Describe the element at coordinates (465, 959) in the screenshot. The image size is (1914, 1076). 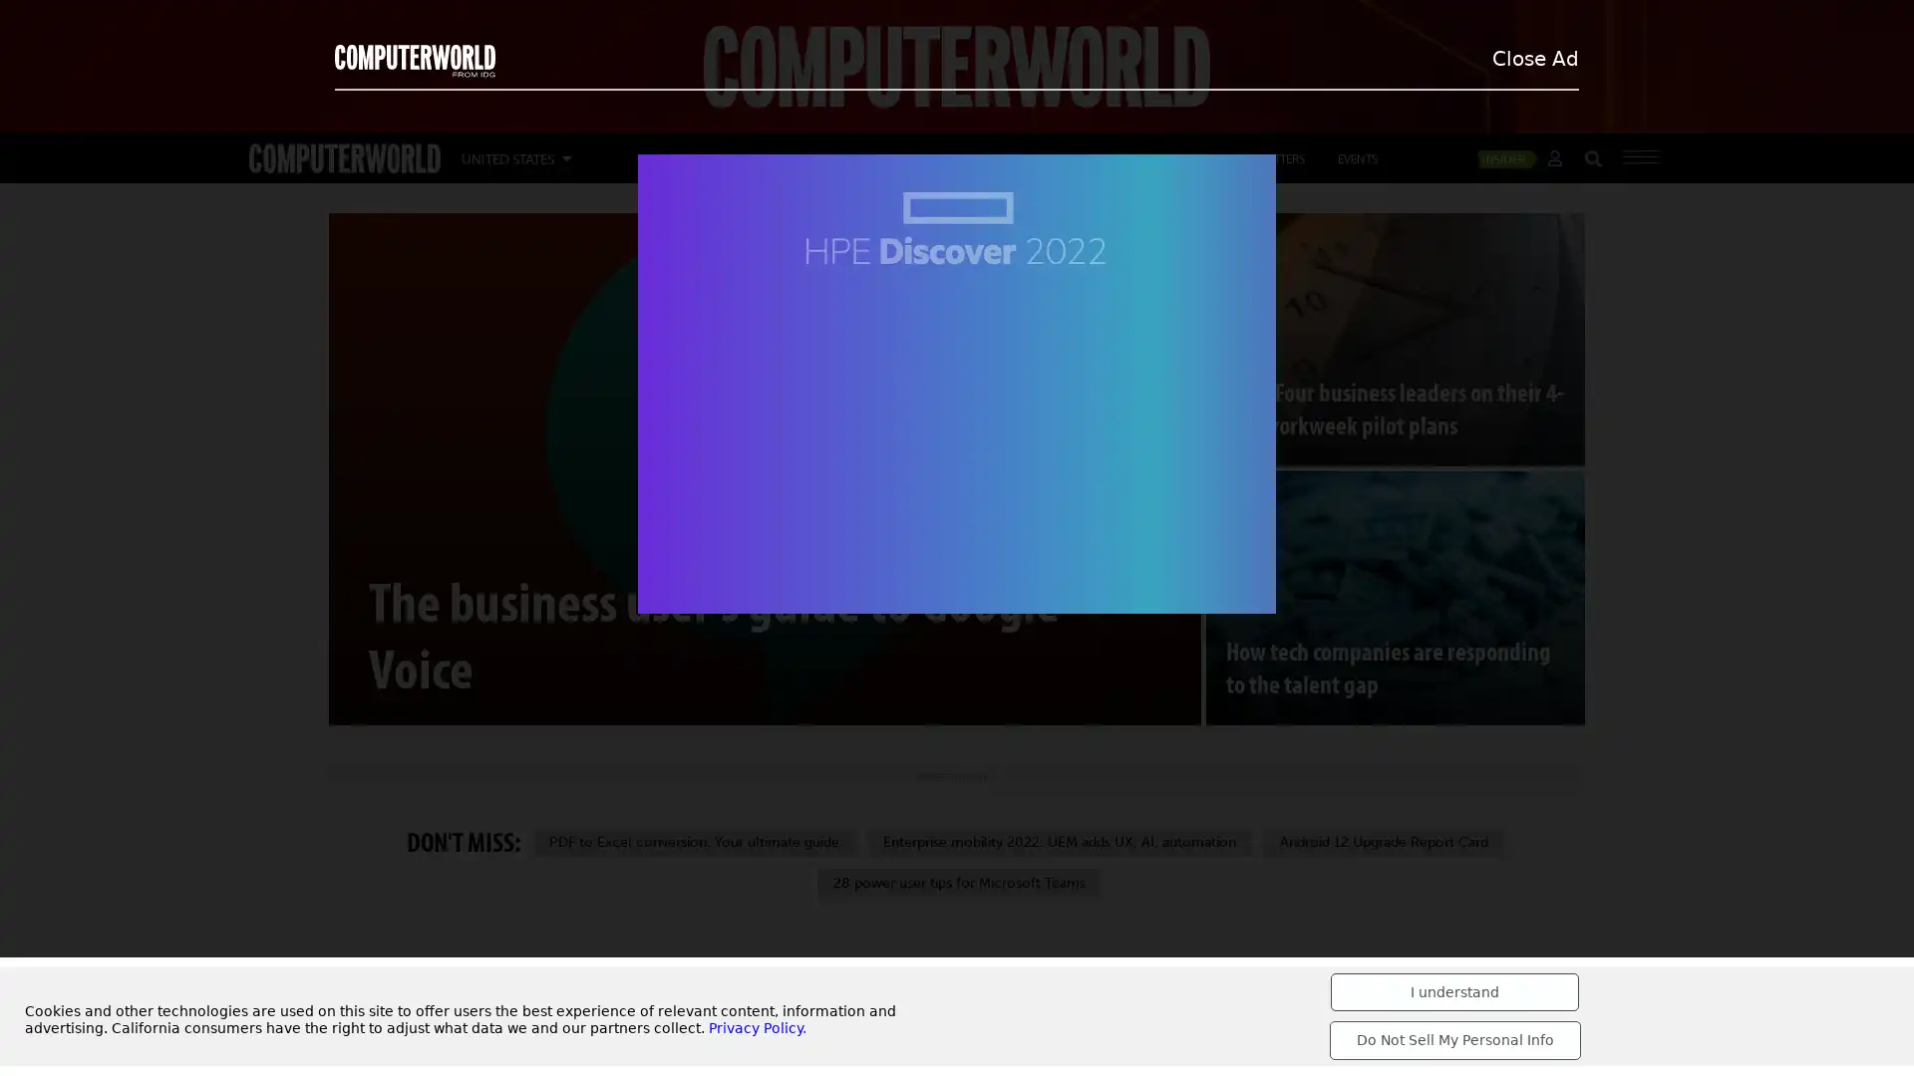
I see `Follow on LinkedIn` at that location.